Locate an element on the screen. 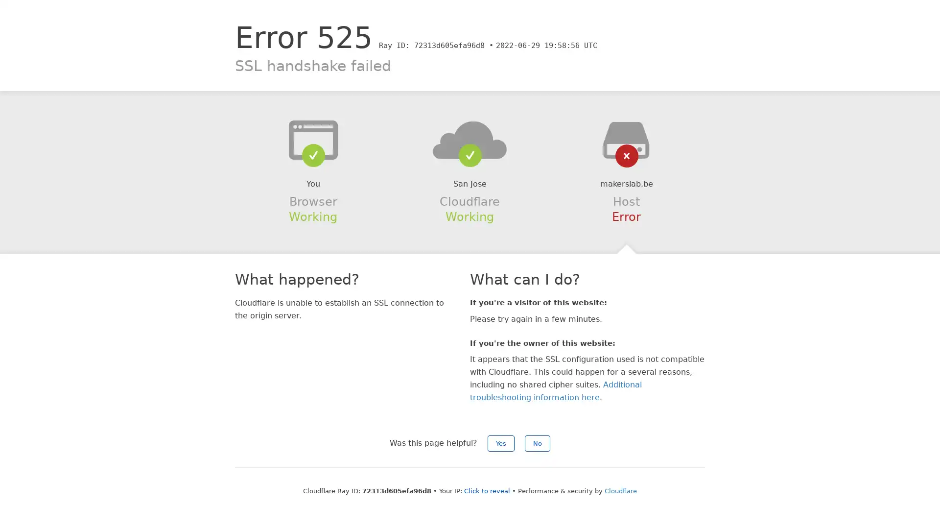  Click to reveal is located at coordinates (487, 491).